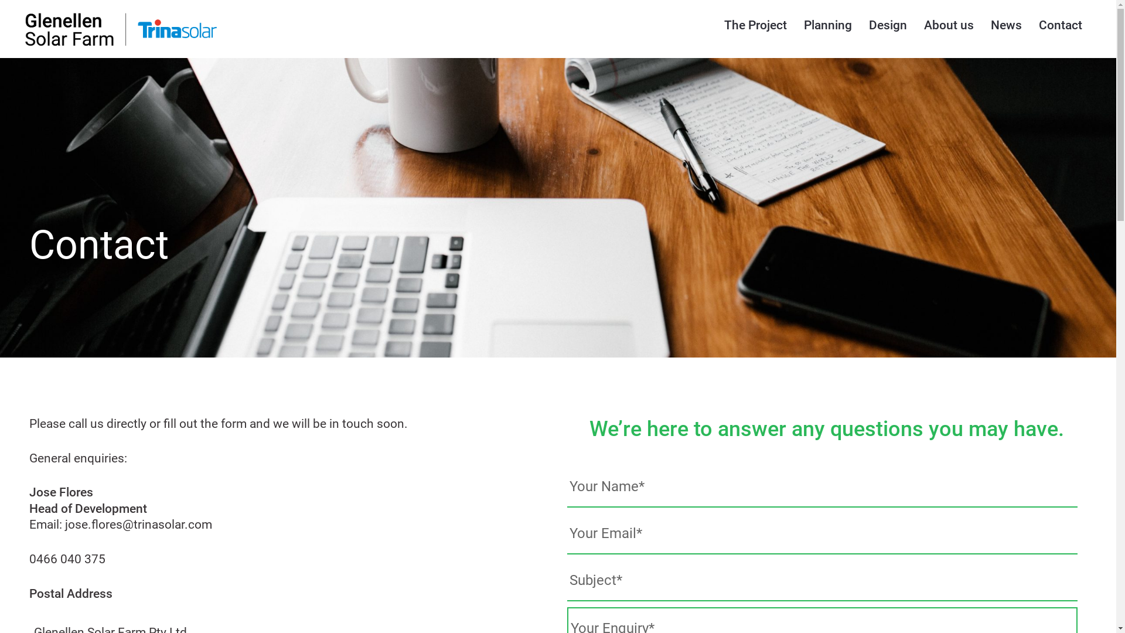 The height and width of the screenshot is (633, 1125). Describe the element at coordinates (827, 25) in the screenshot. I see `'Planning'` at that location.